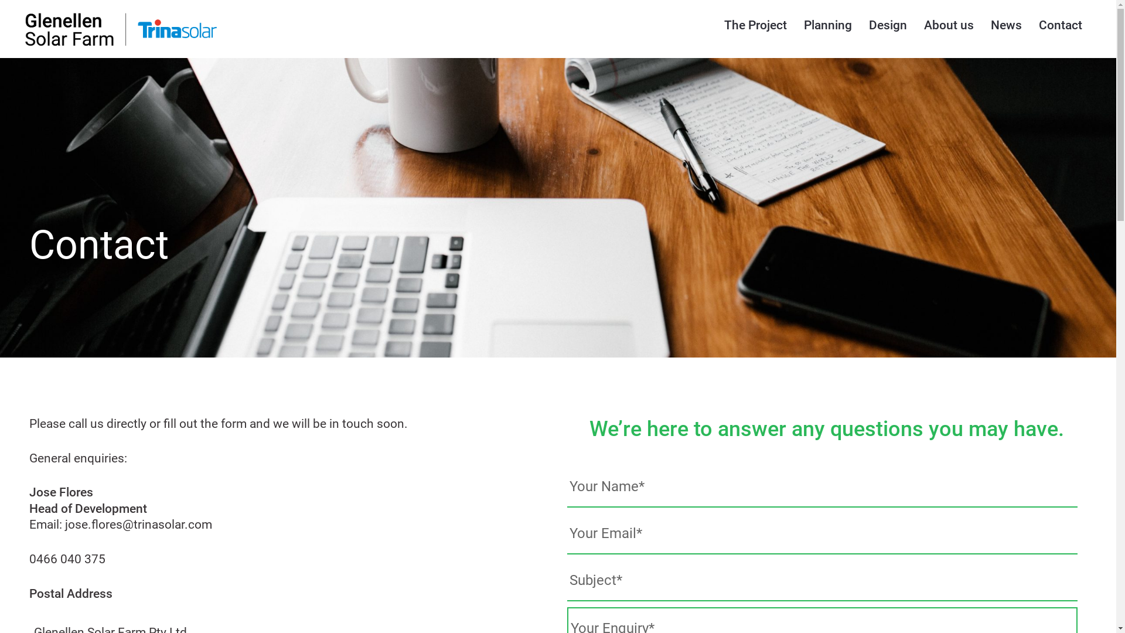 The height and width of the screenshot is (633, 1125). Describe the element at coordinates (827, 25) in the screenshot. I see `'Planning'` at that location.